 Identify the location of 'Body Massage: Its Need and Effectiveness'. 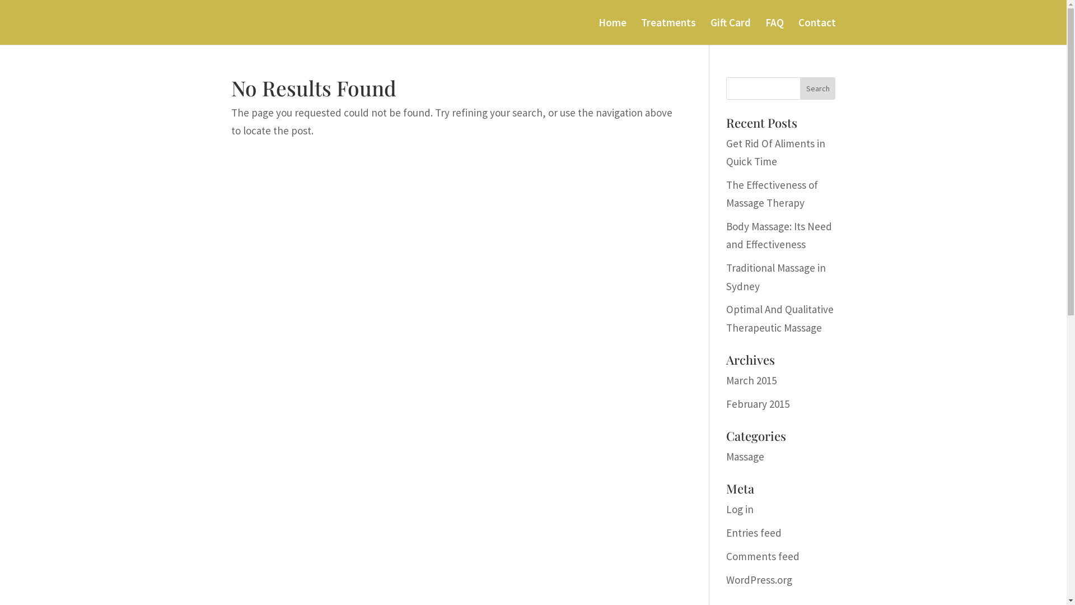
(778, 235).